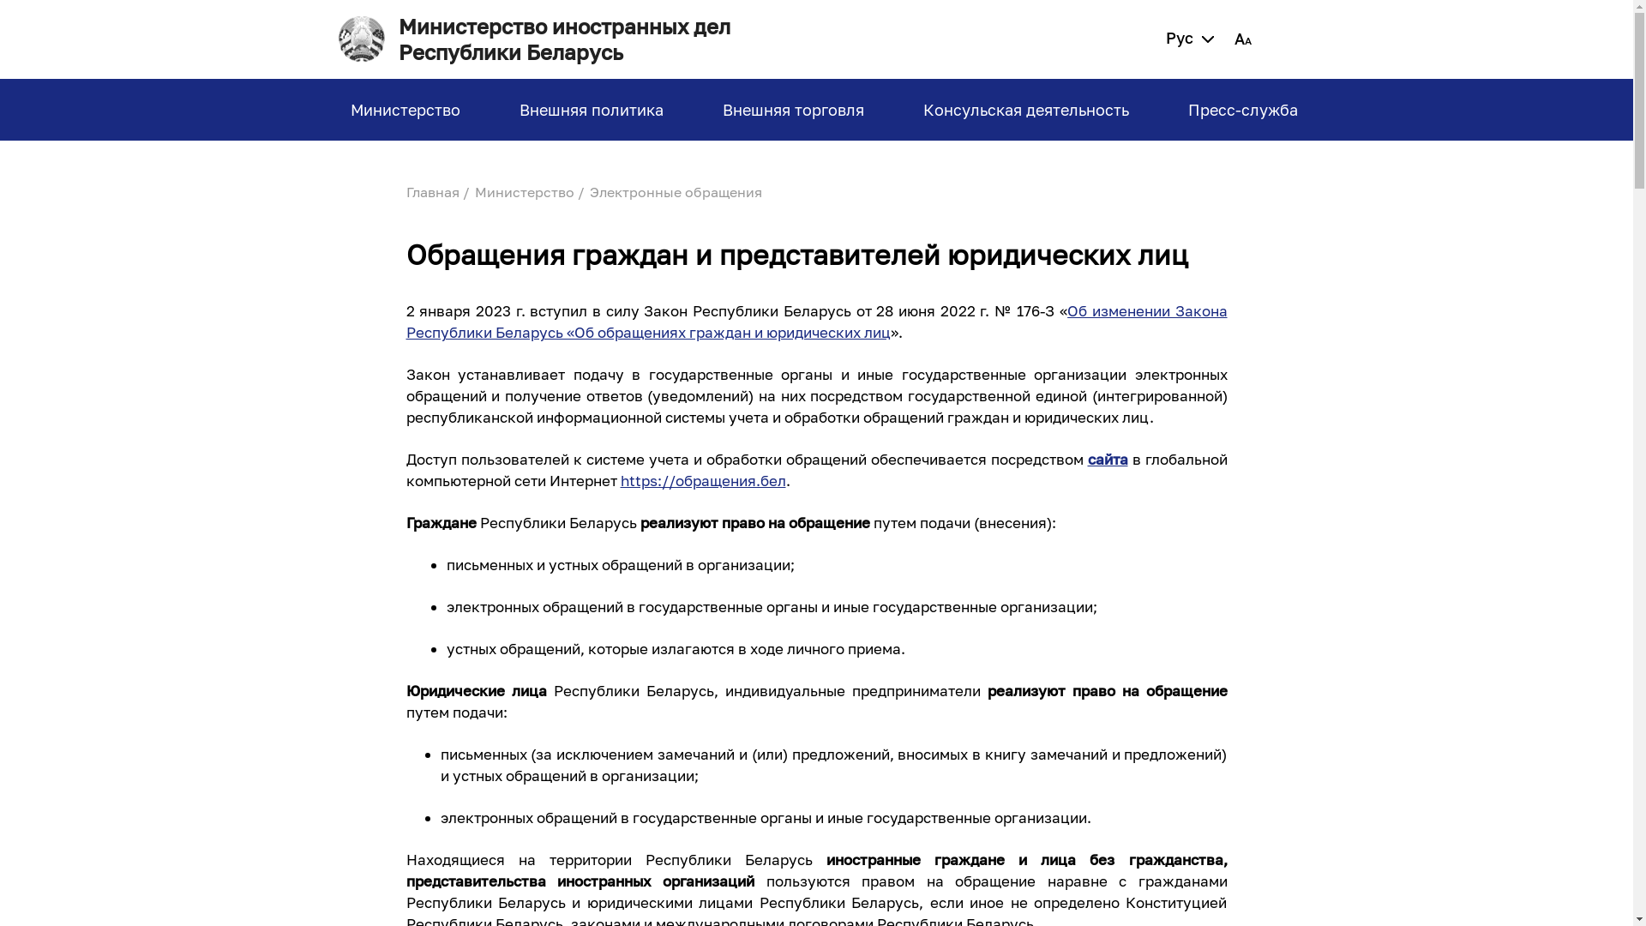 The image size is (1646, 926). I want to click on 'AA', so click(1242, 39).